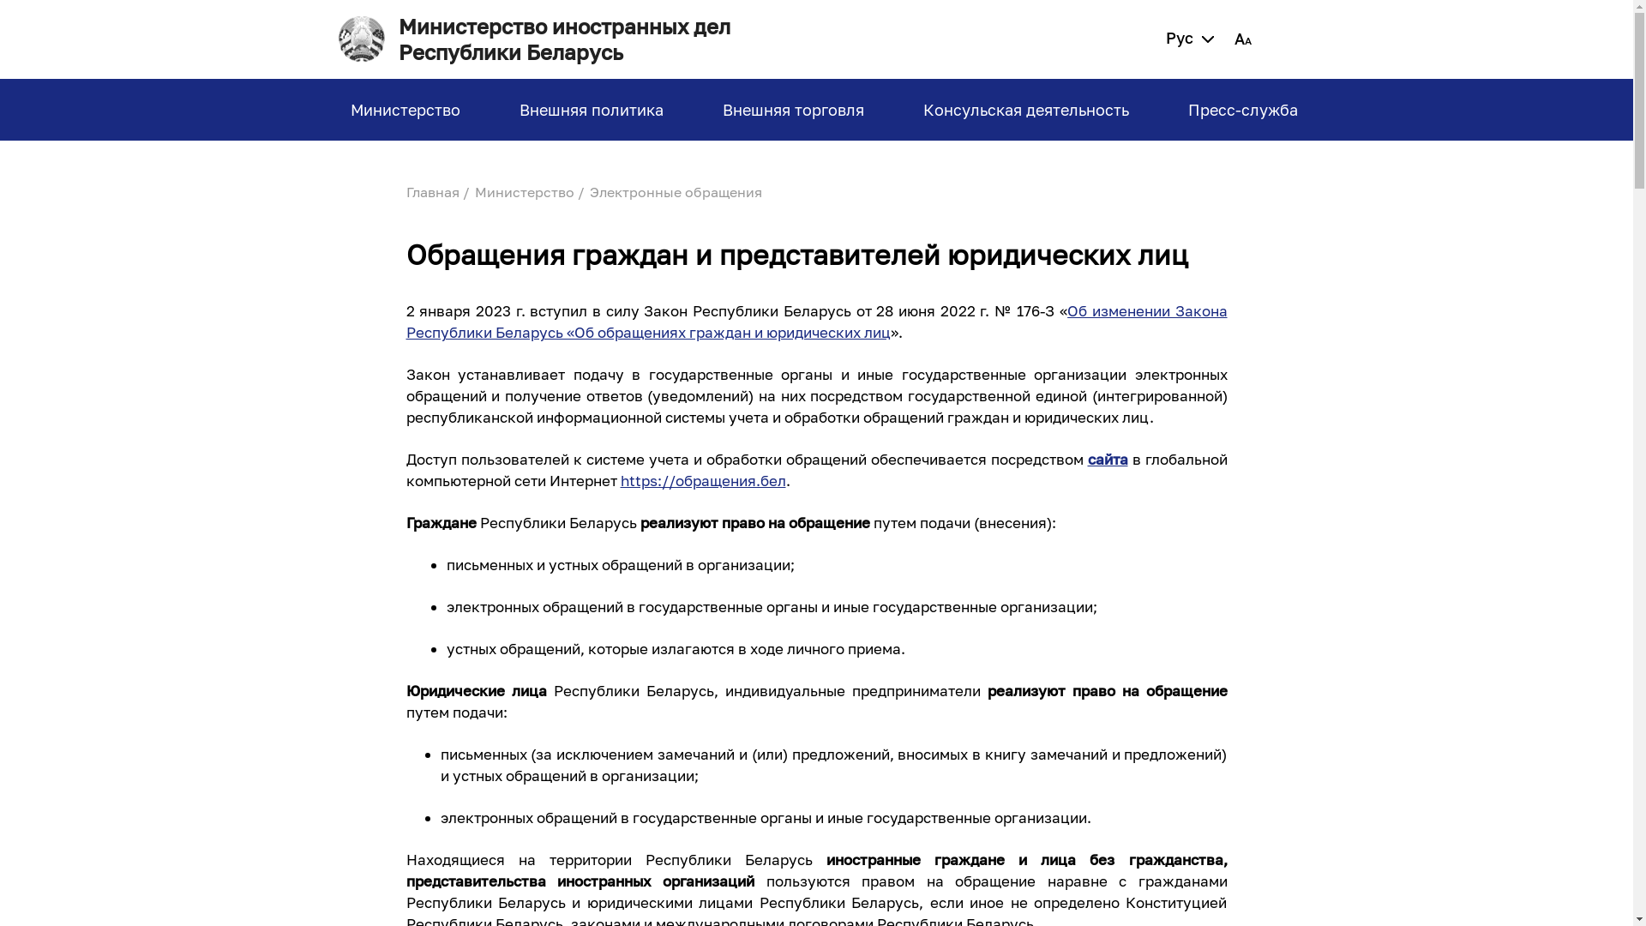 The image size is (1646, 926). I want to click on 'AA', so click(1242, 39).